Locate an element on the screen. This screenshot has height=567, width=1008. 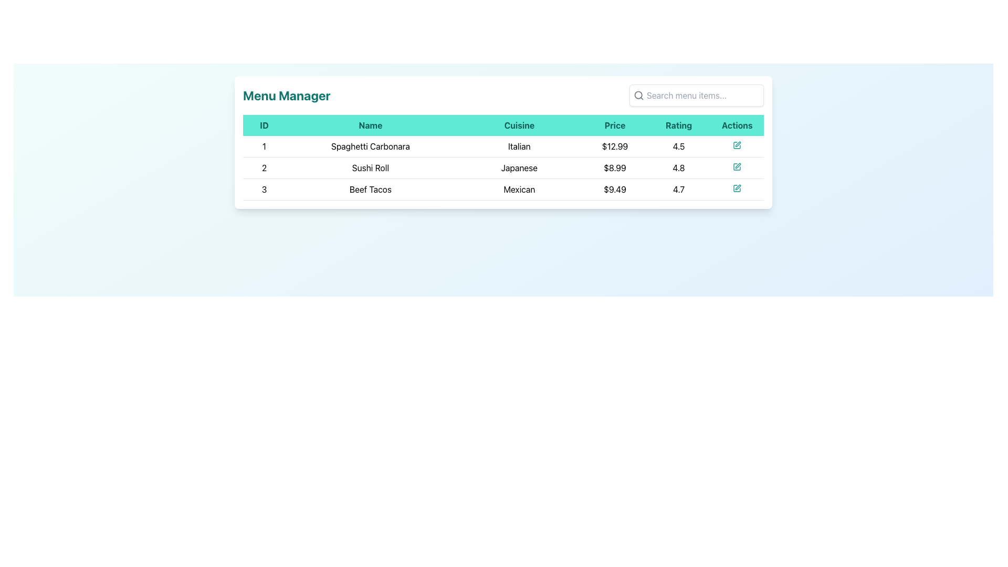
the static text element displaying the rating score for 'Beef Tacos', located in the 'Rating' column of the table, positioned between the price '$9.49' and the actions column is located at coordinates (678, 190).